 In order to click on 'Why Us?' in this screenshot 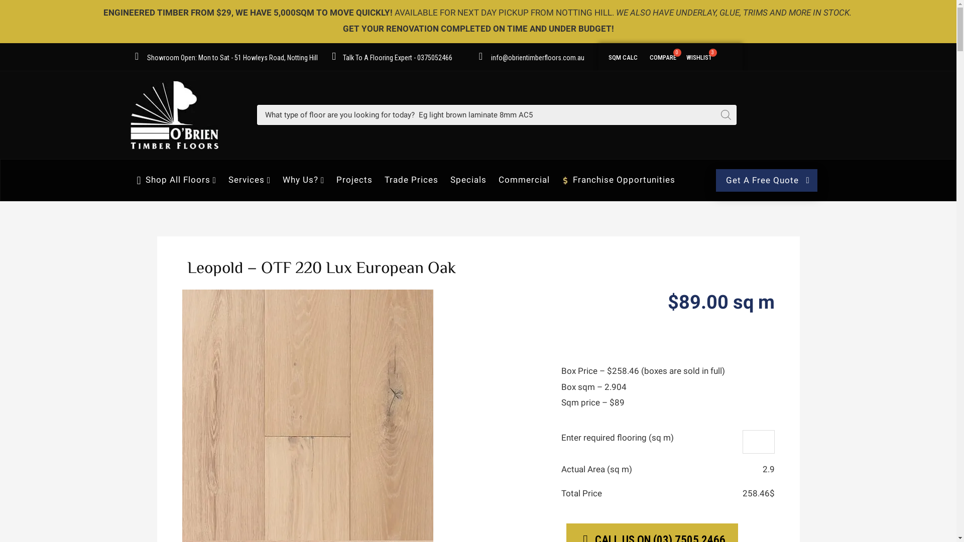, I will do `click(303, 179)`.